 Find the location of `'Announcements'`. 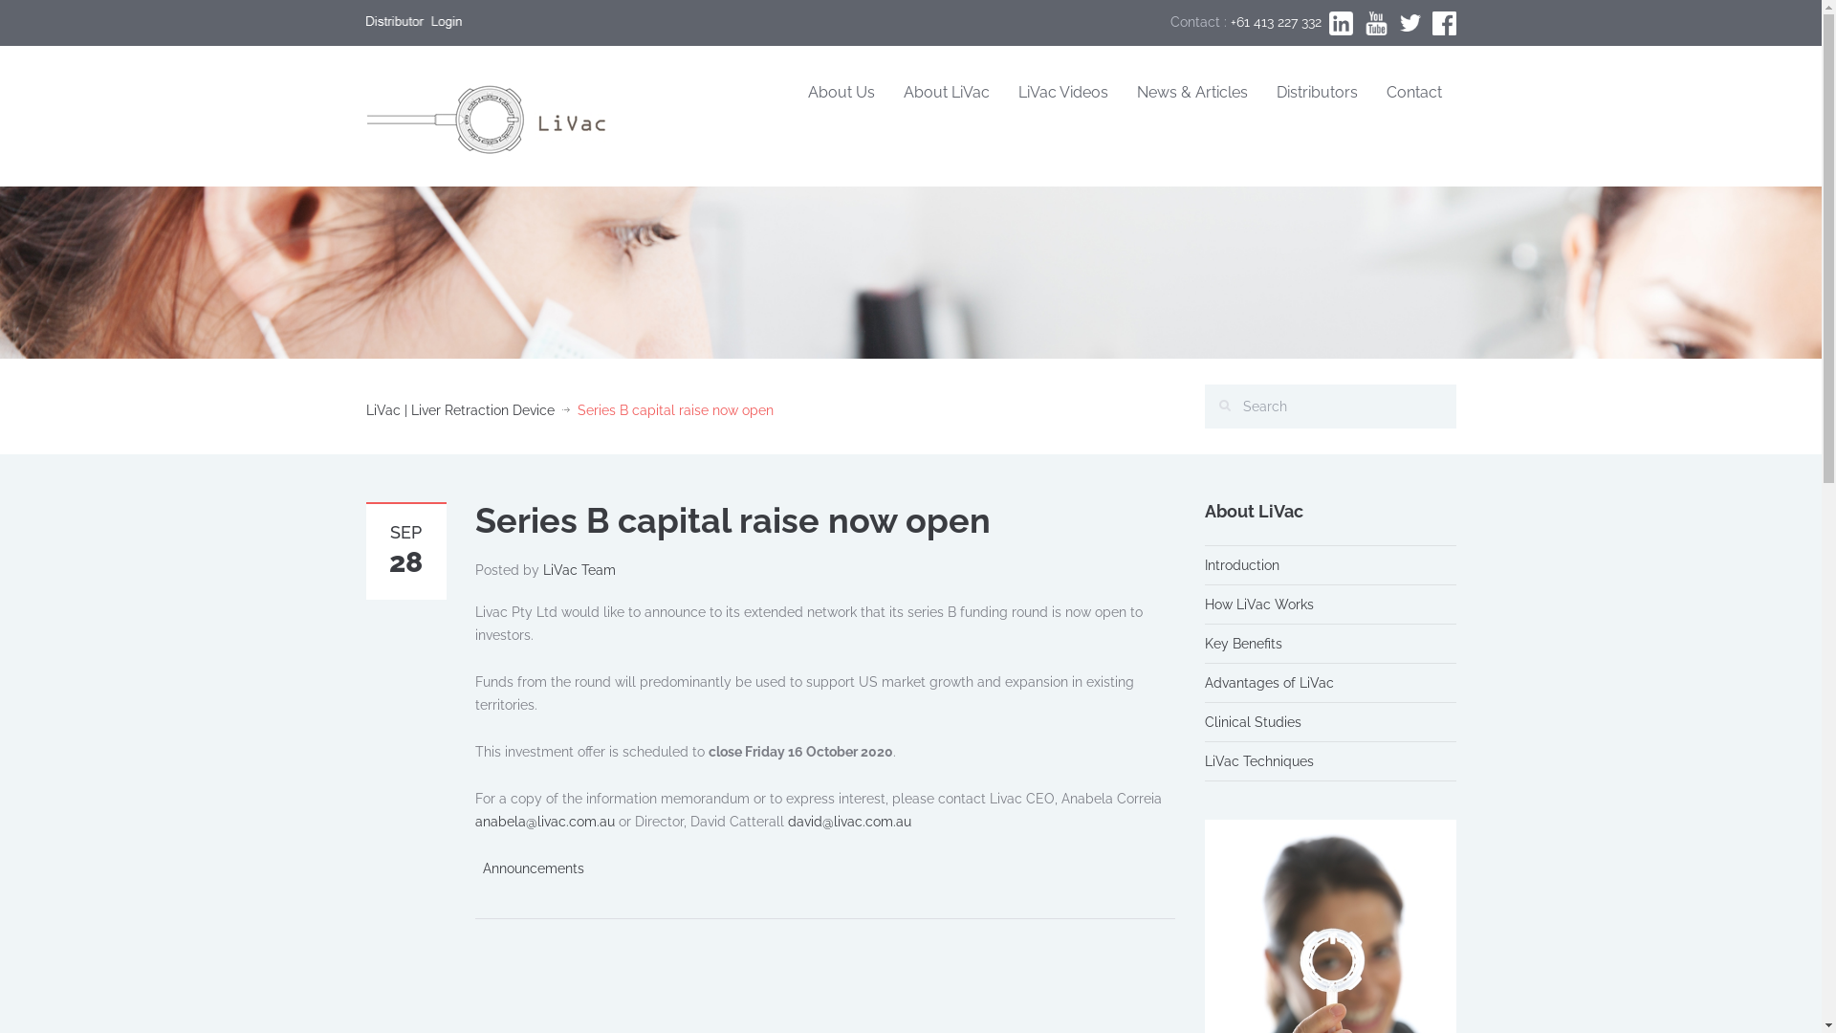

'Announcements' is located at coordinates (532, 868).